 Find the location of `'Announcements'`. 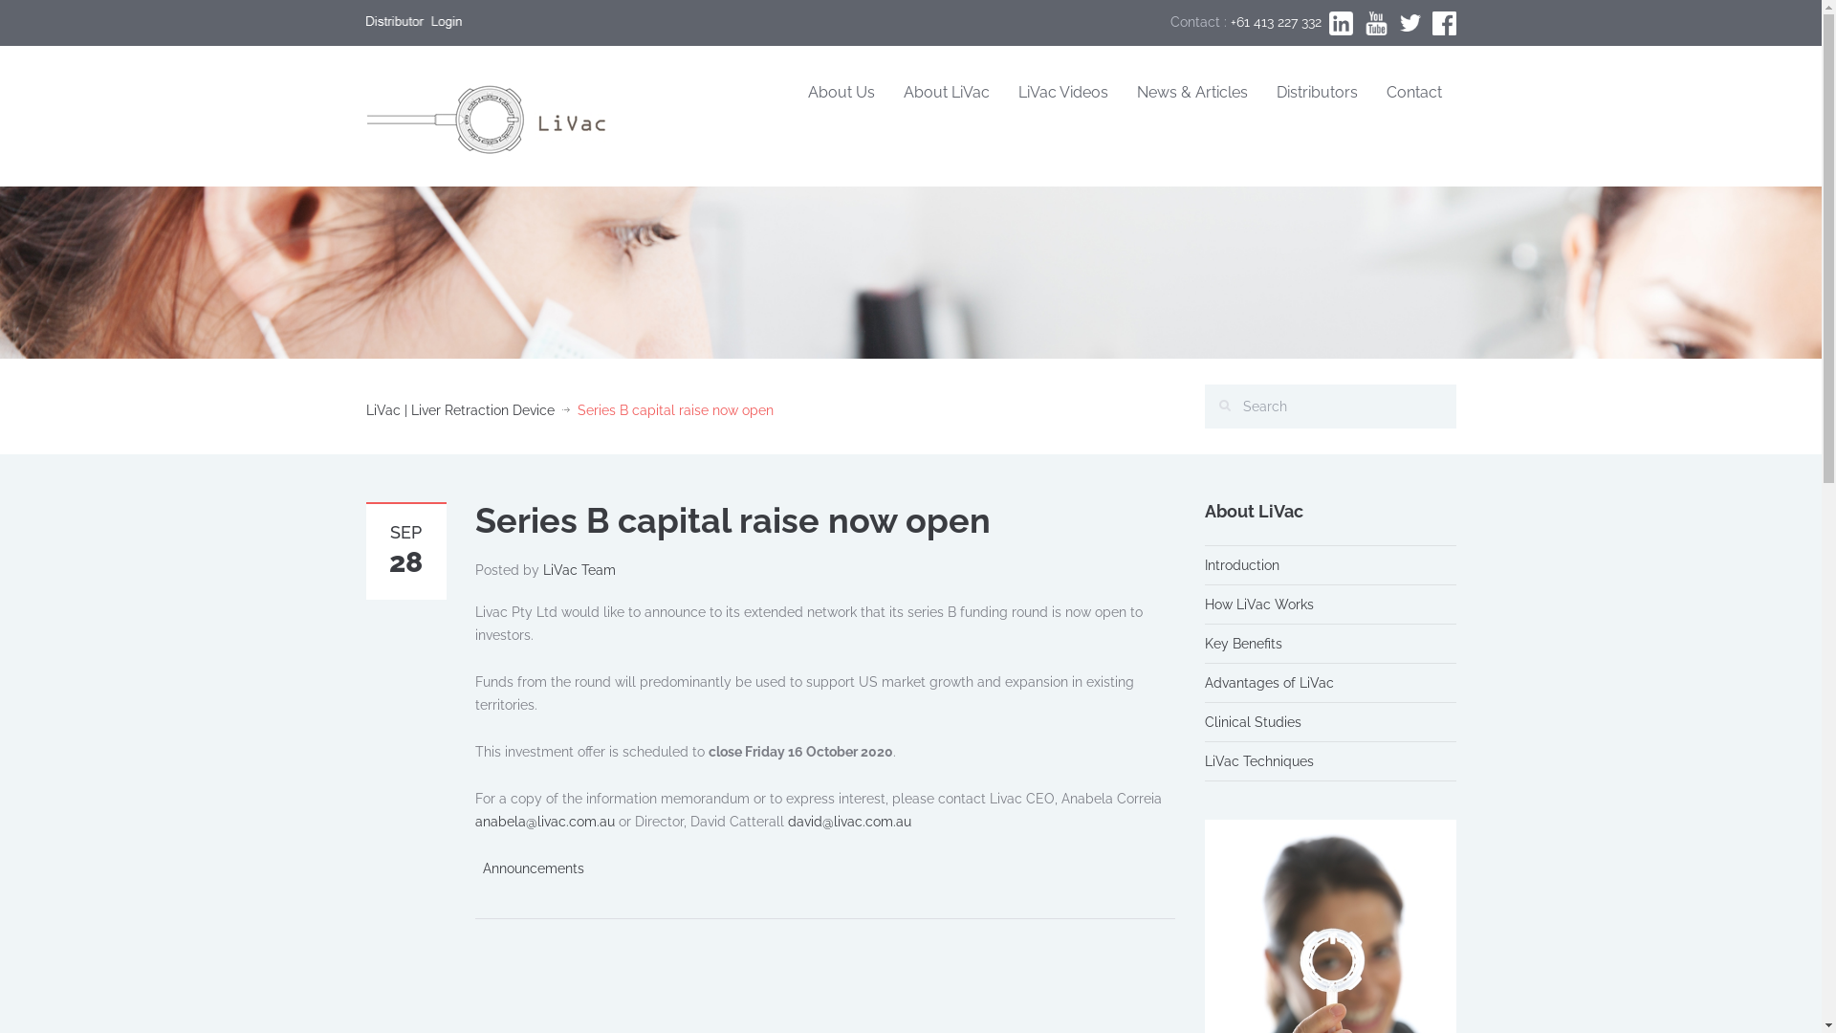

'Announcements' is located at coordinates (532, 868).